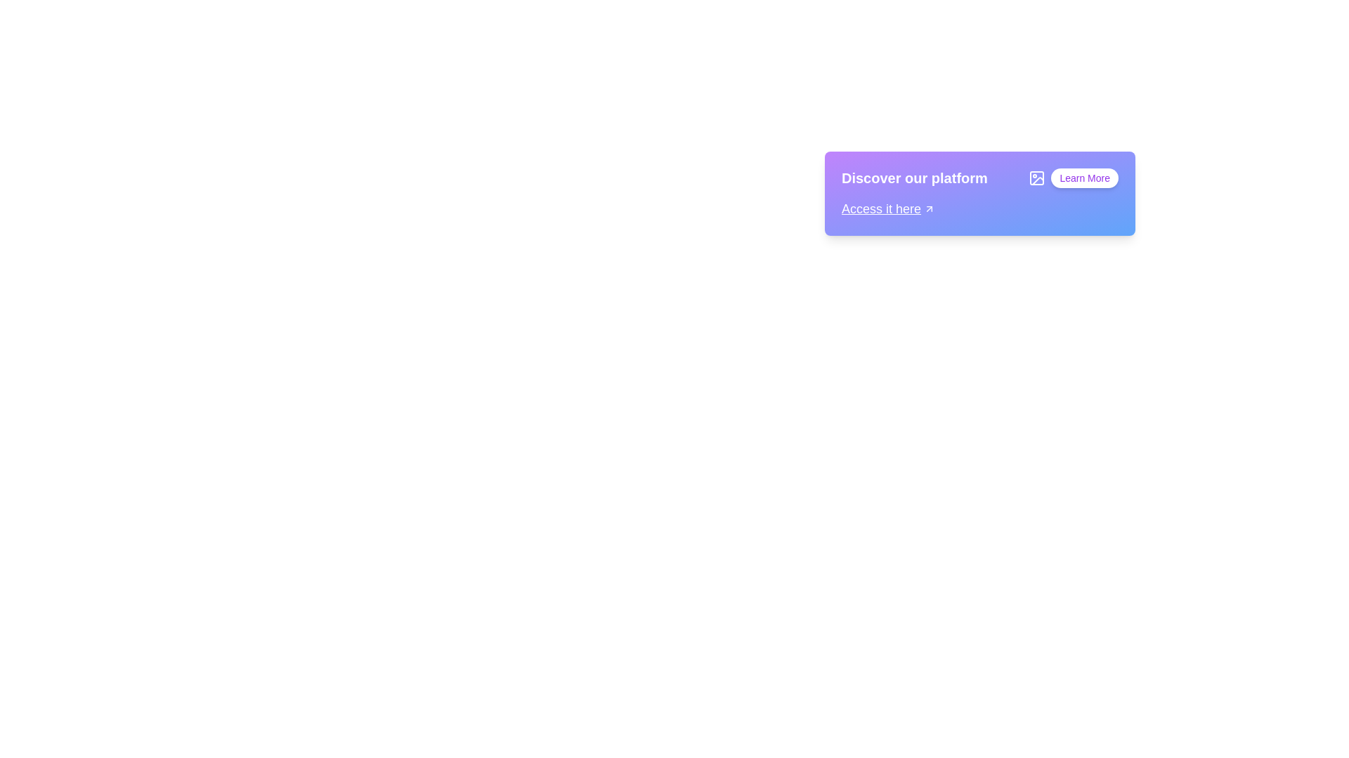  Describe the element at coordinates (1073, 178) in the screenshot. I see `the action button located in the top-right corner of the section with a gradient background, following the text 'Discover our platform'` at that location.